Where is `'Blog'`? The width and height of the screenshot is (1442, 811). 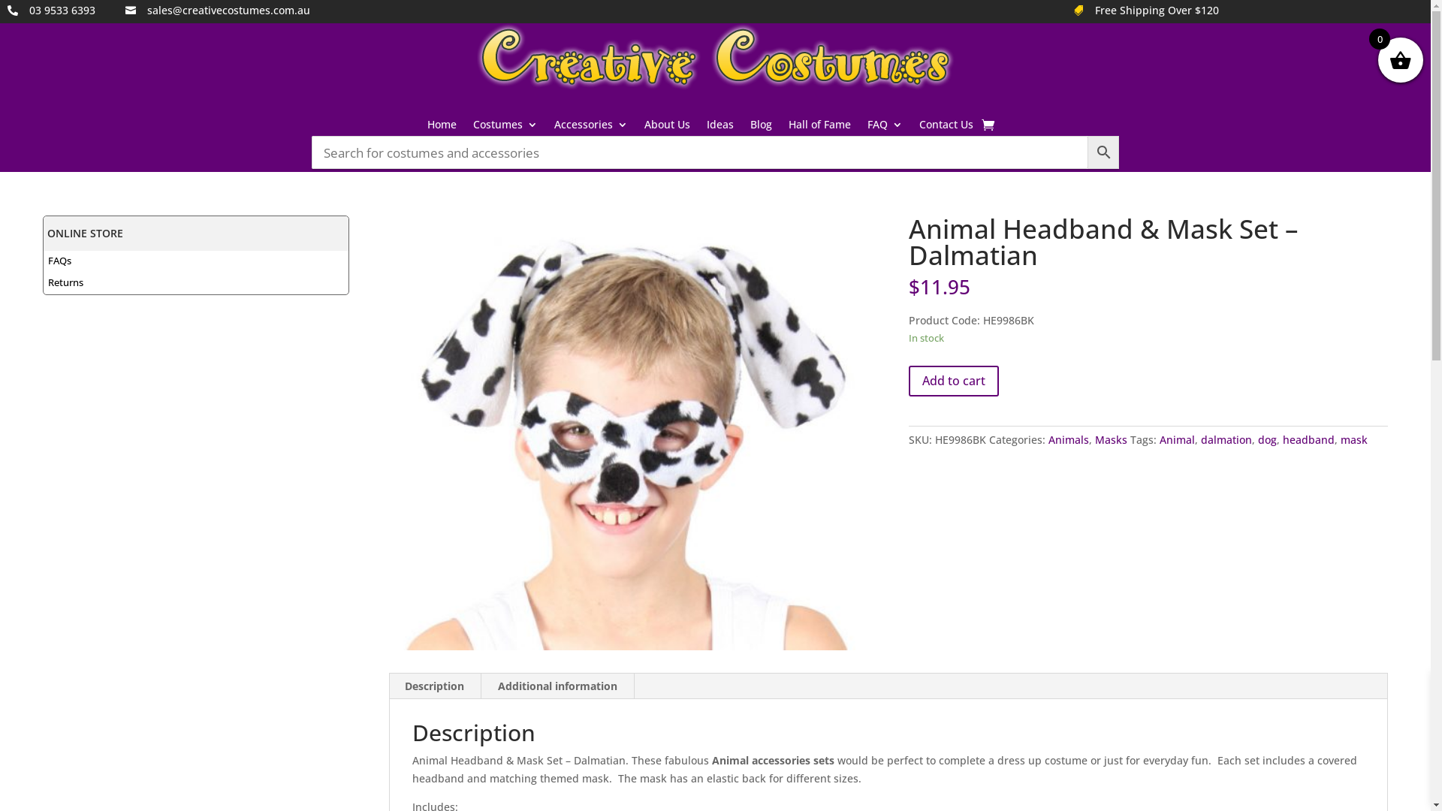 'Blog' is located at coordinates (761, 126).